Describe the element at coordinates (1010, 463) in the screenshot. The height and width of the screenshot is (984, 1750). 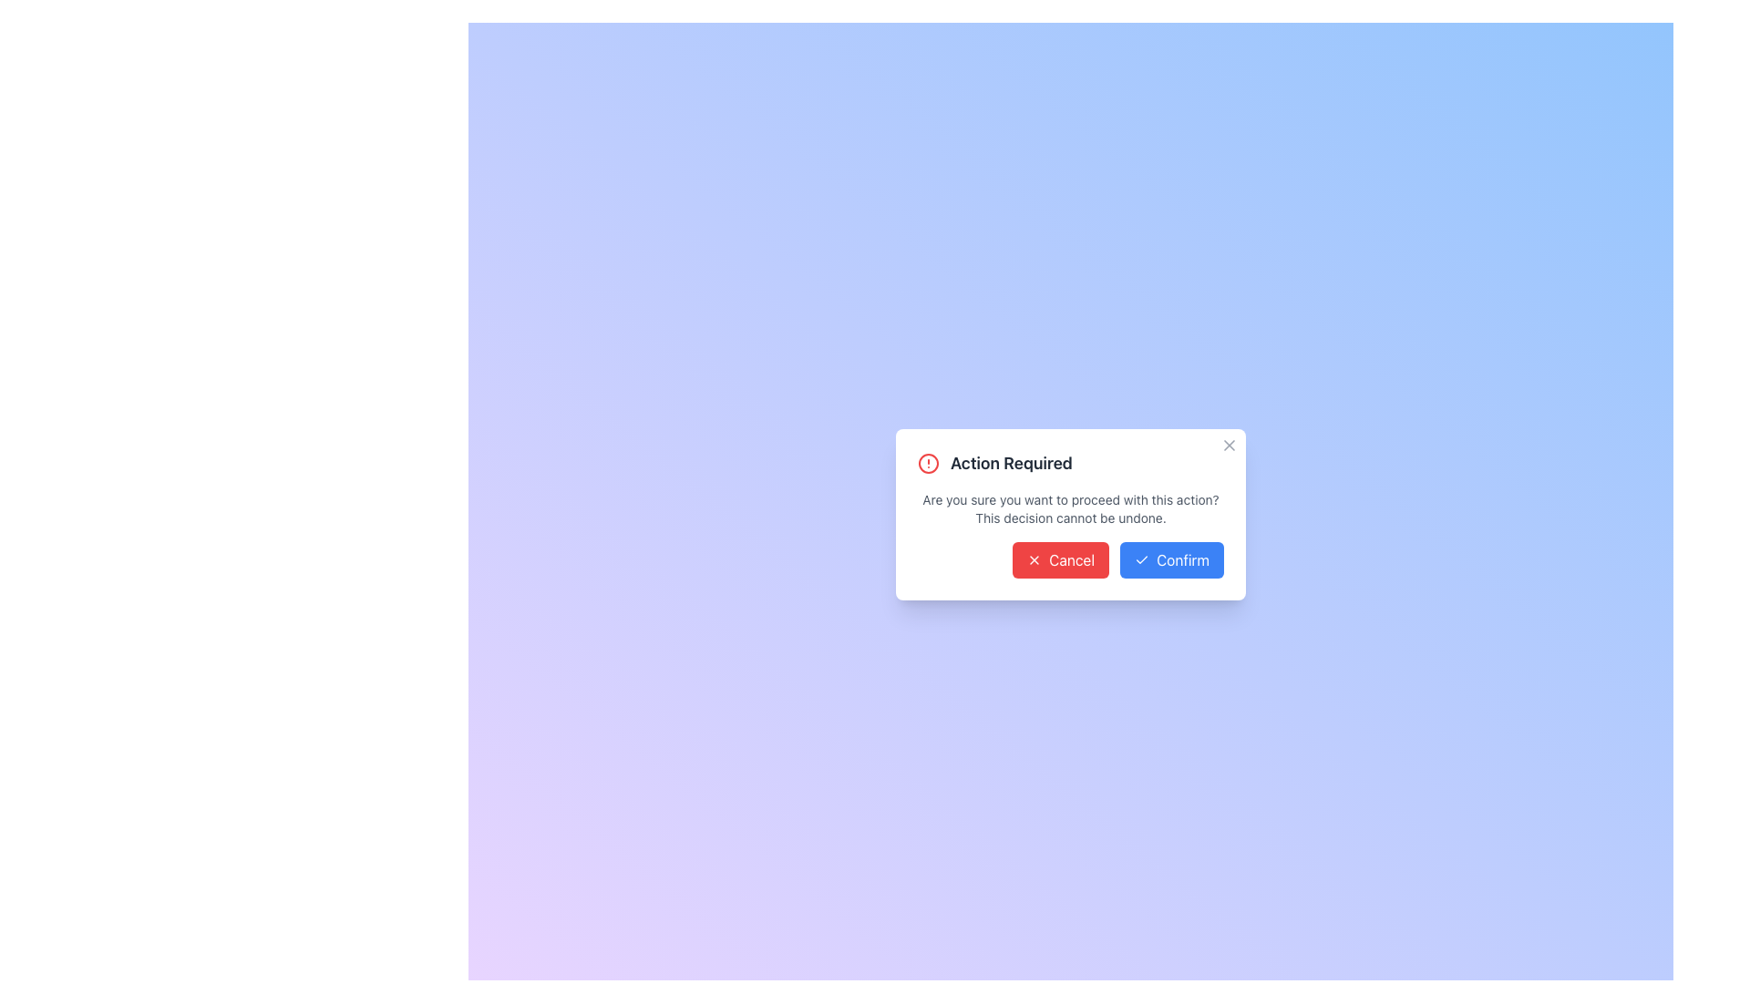
I see `text displayed as the modal's headline, located at the top portion of the modal dialog box, to the right of the alert icon` at that location.